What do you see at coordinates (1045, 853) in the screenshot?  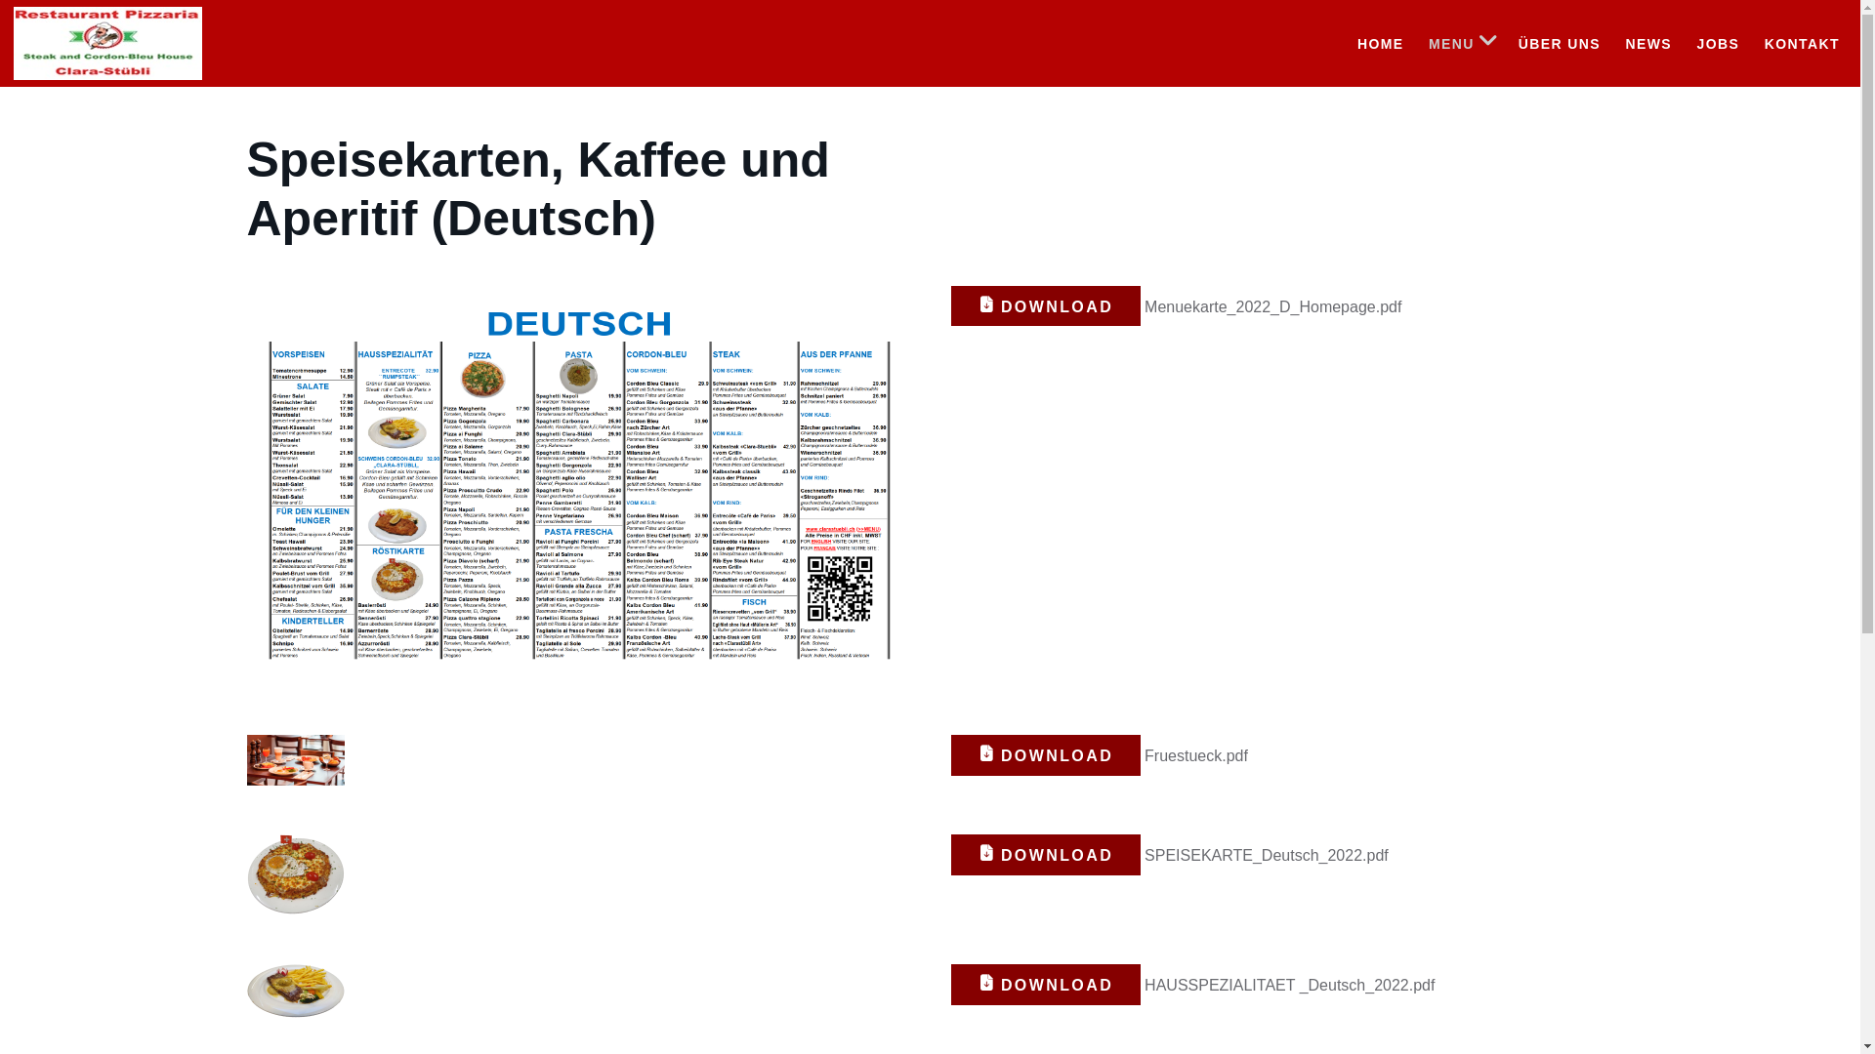 I see `'DOWNLOAD'` at bounding box center [1045, 853].